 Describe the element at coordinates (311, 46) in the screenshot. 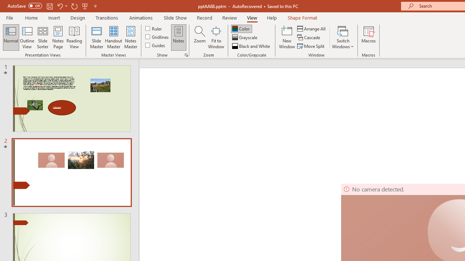

I see `'Move Split'` at that location.